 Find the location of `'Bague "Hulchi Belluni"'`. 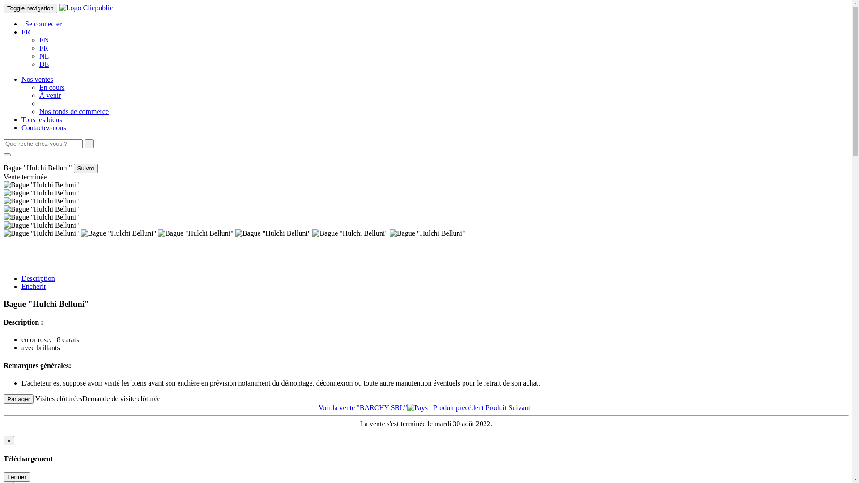

'Bague "Hulchi Belluni"' is located at coordinates (427, 233).